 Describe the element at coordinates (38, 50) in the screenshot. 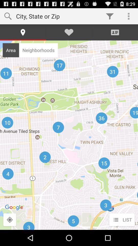

I see `icon to the right of area icon` at that location.